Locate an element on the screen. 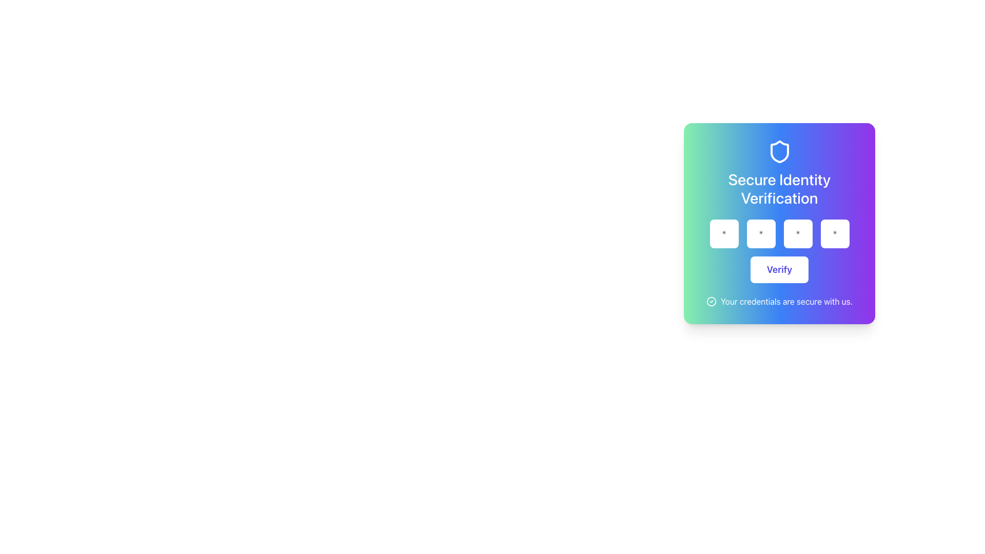 The image size is (985, 554). the specific input field within the Group of Input Fields for secure code entry, located below the 'Secure Identity Verification' heading and above the 'Verify' button is located at coordinates (779, 233).